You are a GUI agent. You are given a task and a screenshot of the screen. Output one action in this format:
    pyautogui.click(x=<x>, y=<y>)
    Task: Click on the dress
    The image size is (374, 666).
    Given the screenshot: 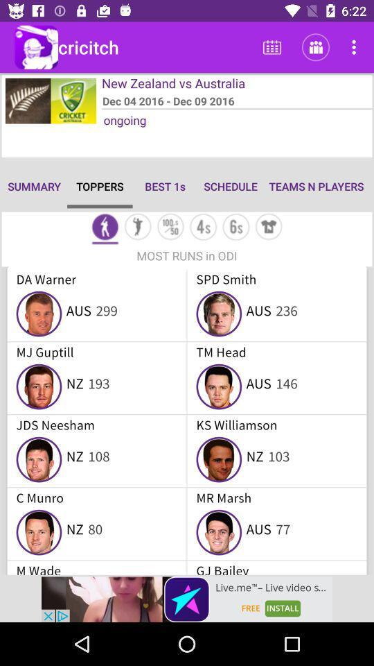 What is the action you would take?
    pyautogui.click(x=269, y=228)
    